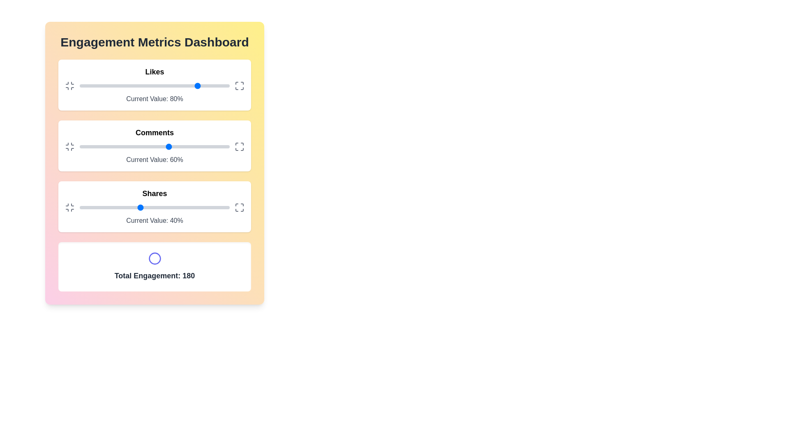 The image size is (789, 444). Describe the element at coordinates (239, 86) in the screenshot. I see `the maximize icon button located at the top right corner of the first section of the dashboard, next to the 'Current Value: 80%' slider` at that location.